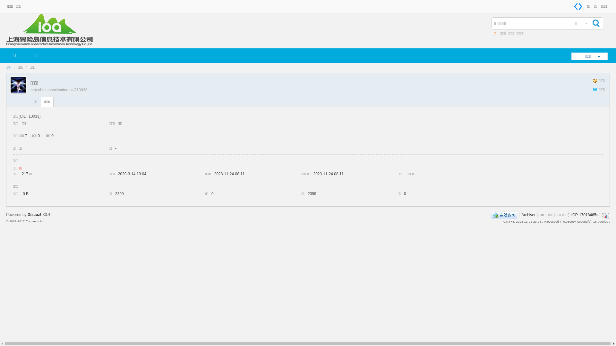  Describe the element at coordinates (595, 23) in the screenshot. I see `'true'` at that location.